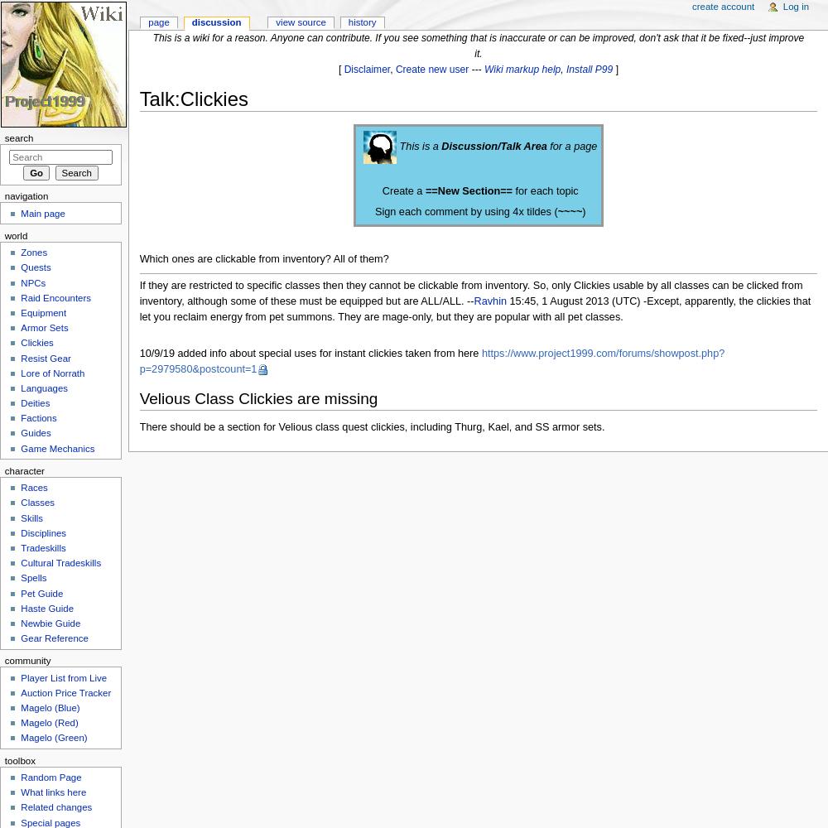 The height and width of the screenshot is (828, 828). What do you see at coordinates (795, 7) in the screenshot?
I see `'Log in'` at bounding box center [795, 7].